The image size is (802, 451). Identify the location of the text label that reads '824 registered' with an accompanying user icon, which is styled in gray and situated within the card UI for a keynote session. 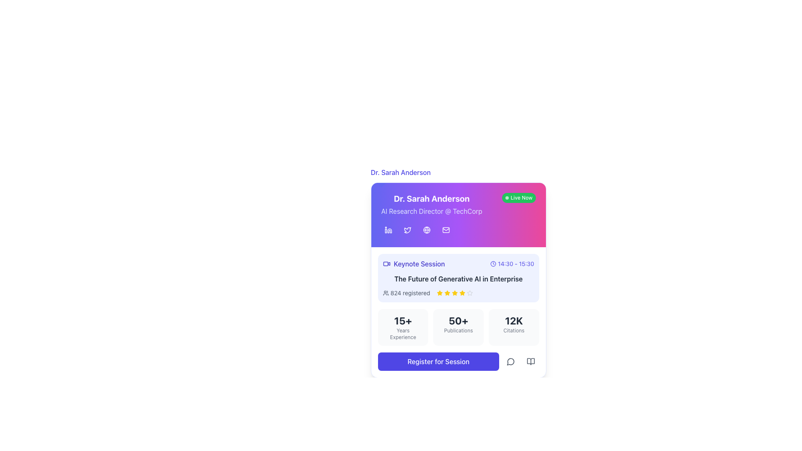
(406, 293).